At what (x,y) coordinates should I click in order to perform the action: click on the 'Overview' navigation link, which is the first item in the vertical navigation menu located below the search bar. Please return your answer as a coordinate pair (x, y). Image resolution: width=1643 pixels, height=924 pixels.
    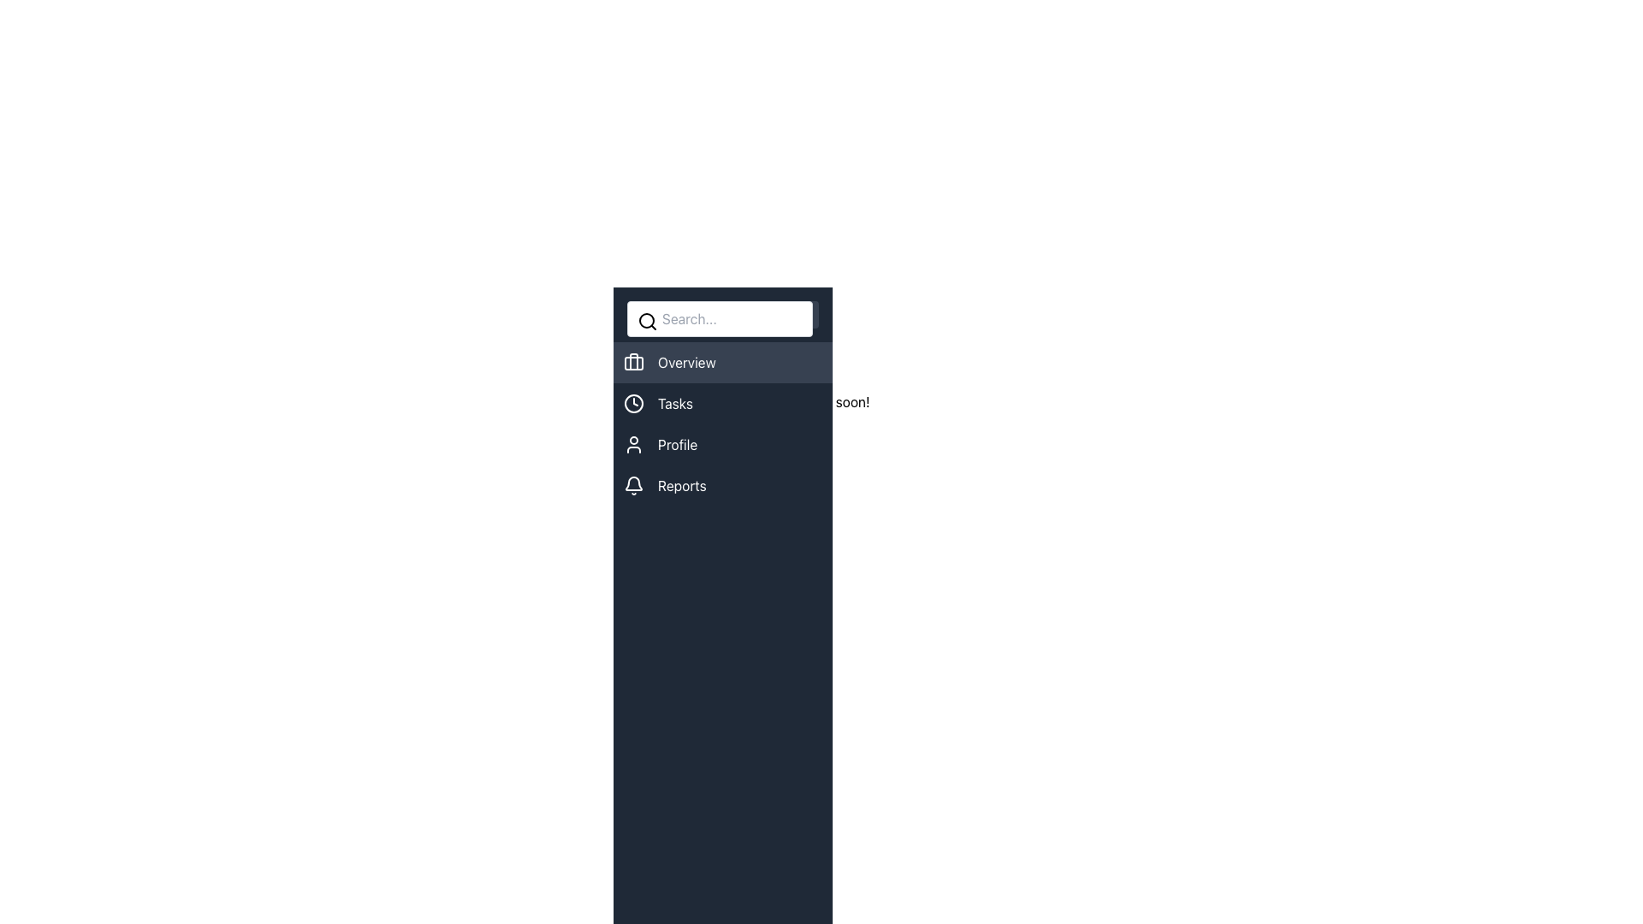
    Looking at the image, I should click on (722, 362).